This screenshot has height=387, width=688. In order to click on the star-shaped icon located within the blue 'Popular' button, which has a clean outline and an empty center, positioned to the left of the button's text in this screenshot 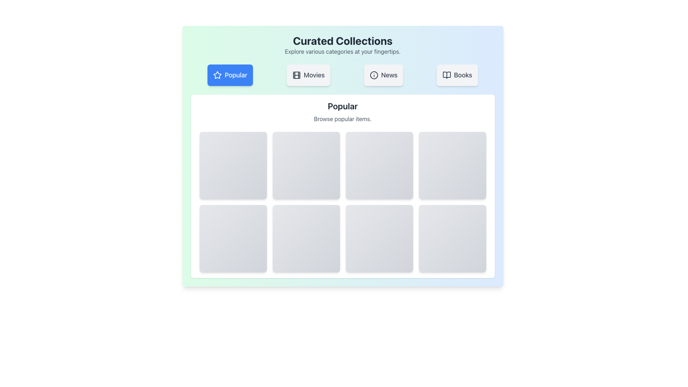, I will do `click(217, 75)`.